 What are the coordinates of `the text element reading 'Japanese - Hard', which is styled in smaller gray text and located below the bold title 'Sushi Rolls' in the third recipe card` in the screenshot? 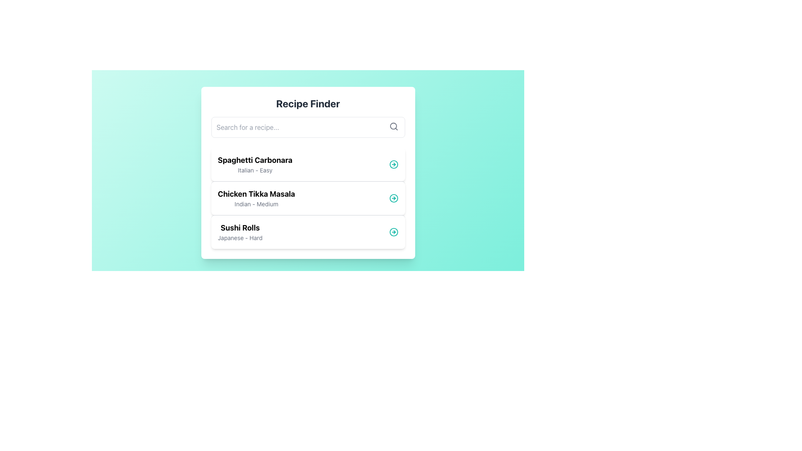 It's located at (240, 238).